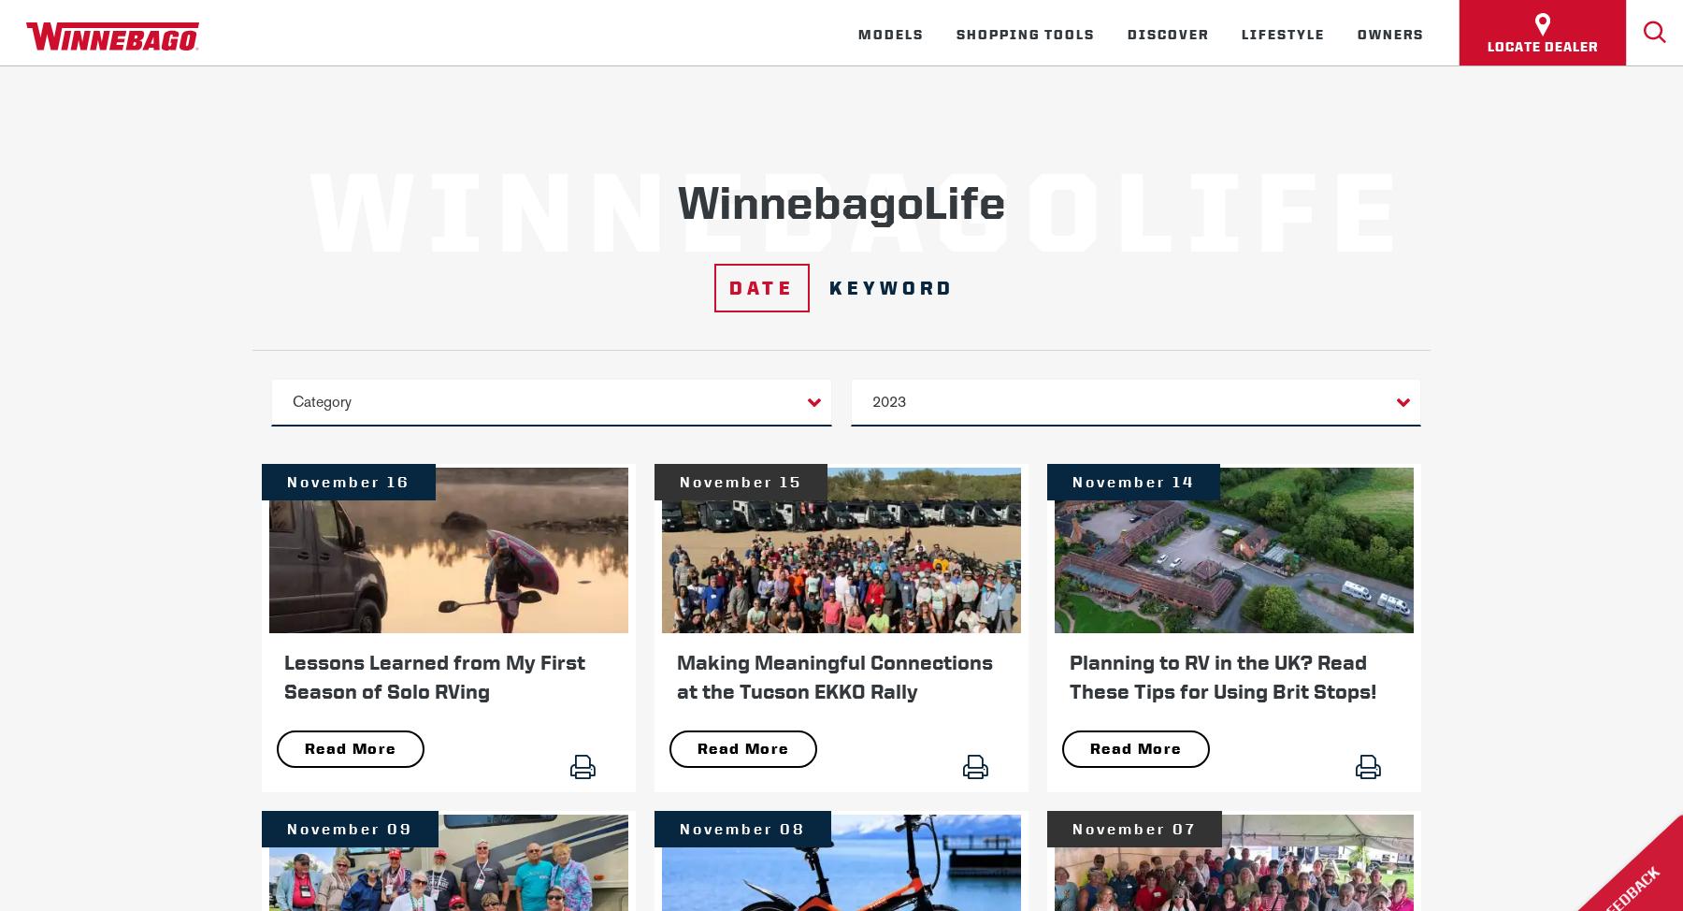 Image resolution: width=1683 pixels, height=911 pixels. Describe the element at coordinates (433, 676) in the screenshot. I see `'Lessons Learned from My First Season of Solo RVing'` at that location.